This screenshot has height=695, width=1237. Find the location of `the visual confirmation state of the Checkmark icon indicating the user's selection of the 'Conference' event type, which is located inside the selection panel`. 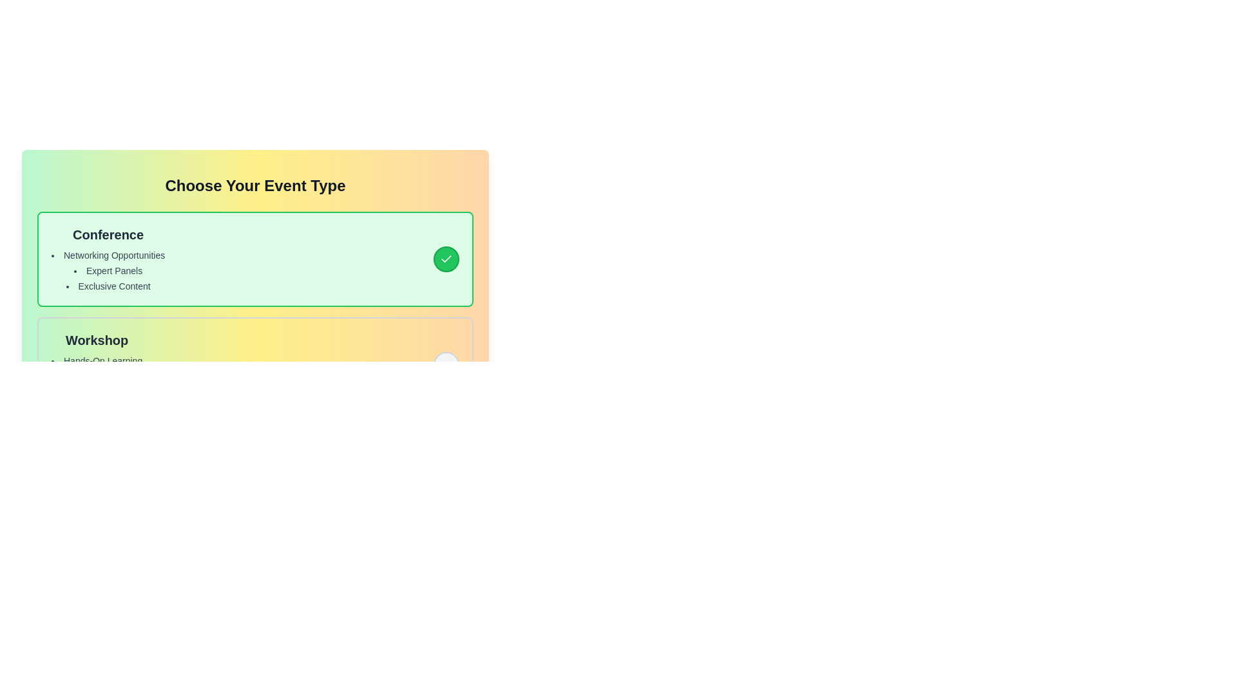

the visual confirmation state of the Checkmark icon indicating the user's selection of the 'Conference' event type, which is located inside the selection panel is located at coordinates (446, 258).